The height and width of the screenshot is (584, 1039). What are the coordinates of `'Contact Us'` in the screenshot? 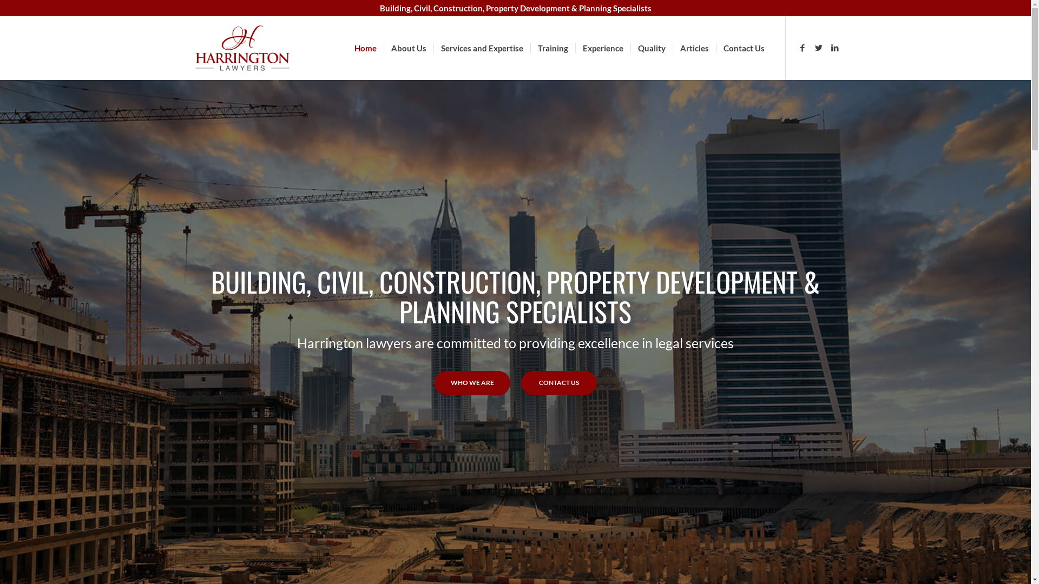 It's located at (742, 47).